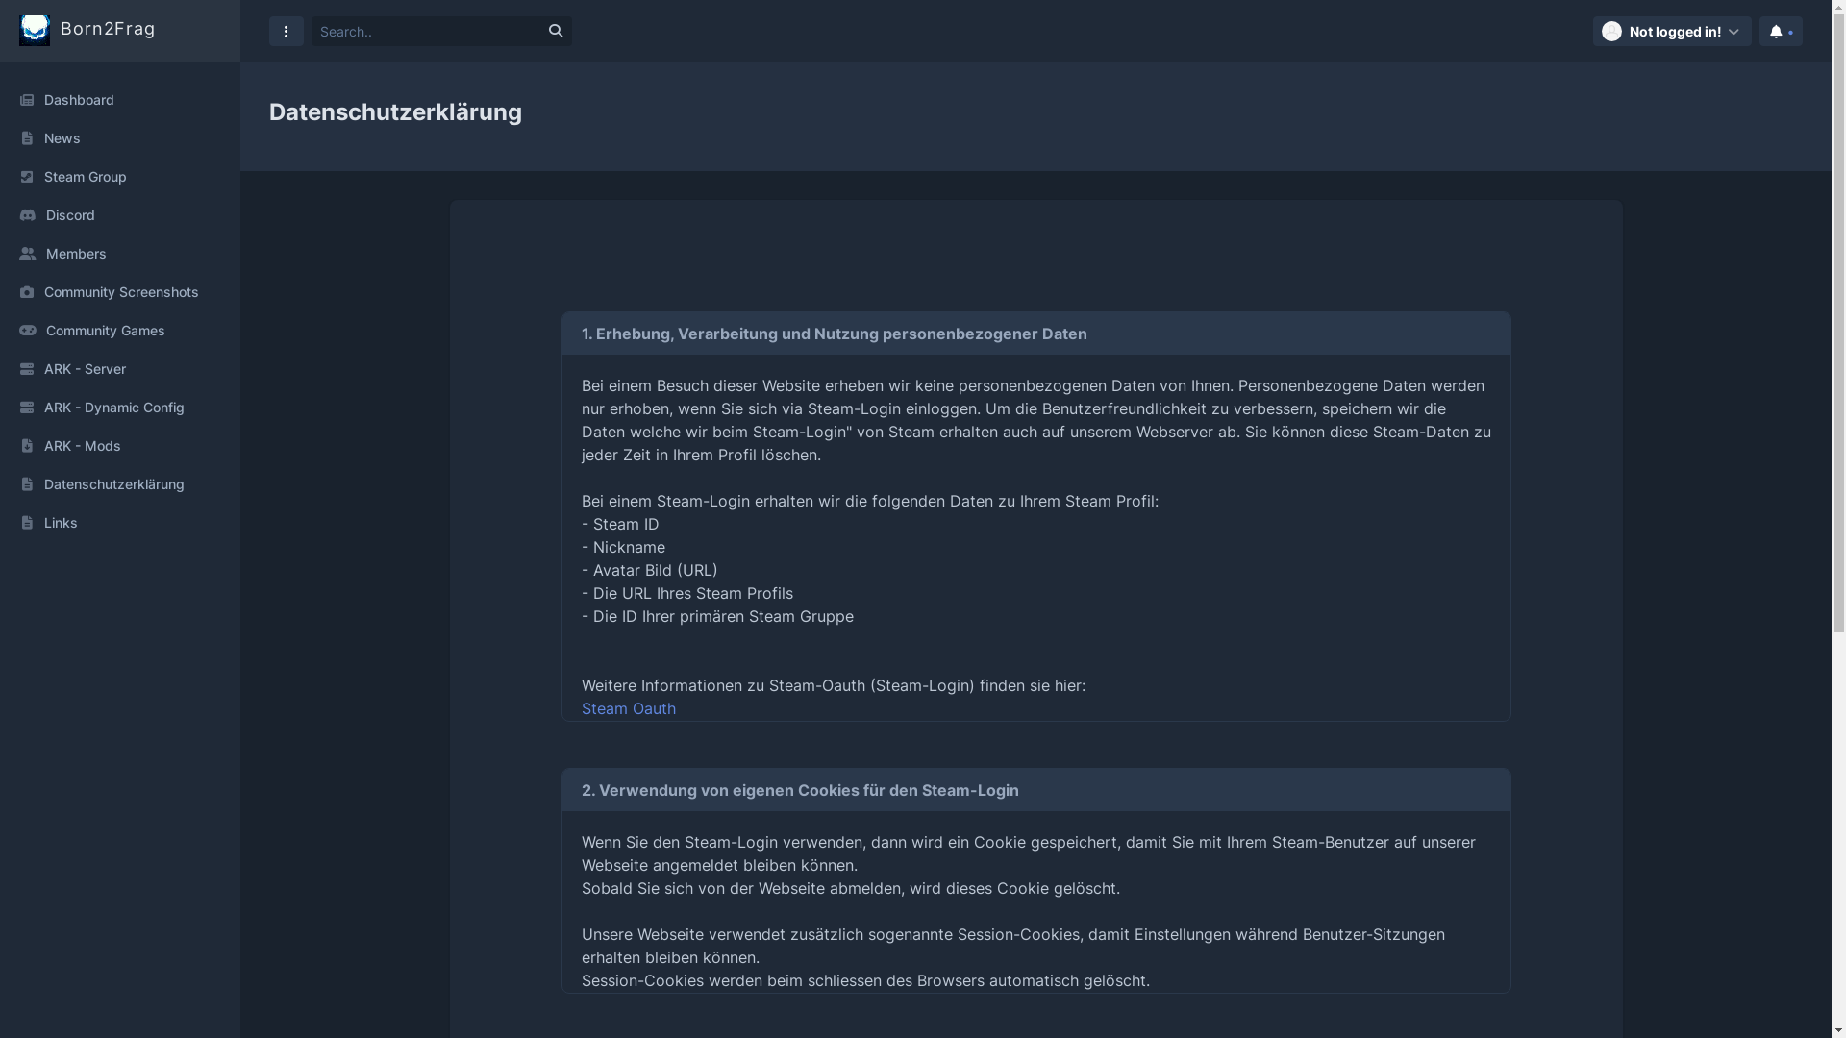  I want to click on 'Steam Group', so click(118, 177).